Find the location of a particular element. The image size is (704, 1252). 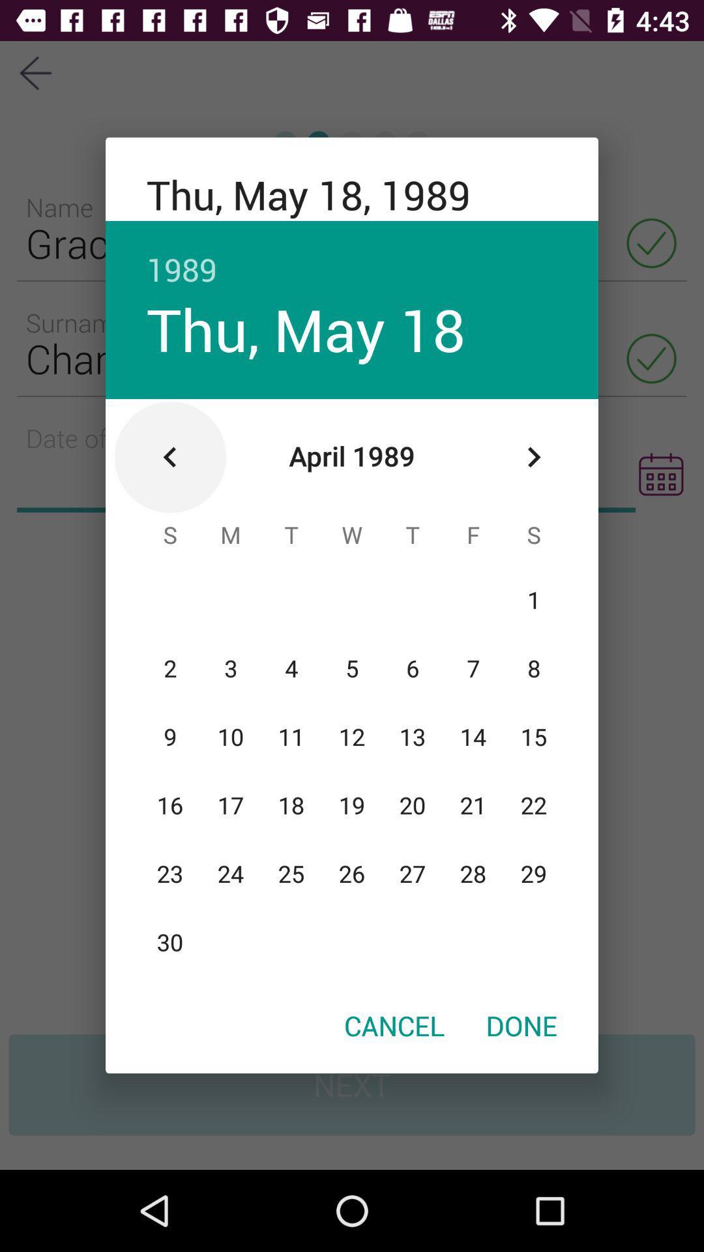

the icon next to the cancel icon is located at coordinates (521, 1024).